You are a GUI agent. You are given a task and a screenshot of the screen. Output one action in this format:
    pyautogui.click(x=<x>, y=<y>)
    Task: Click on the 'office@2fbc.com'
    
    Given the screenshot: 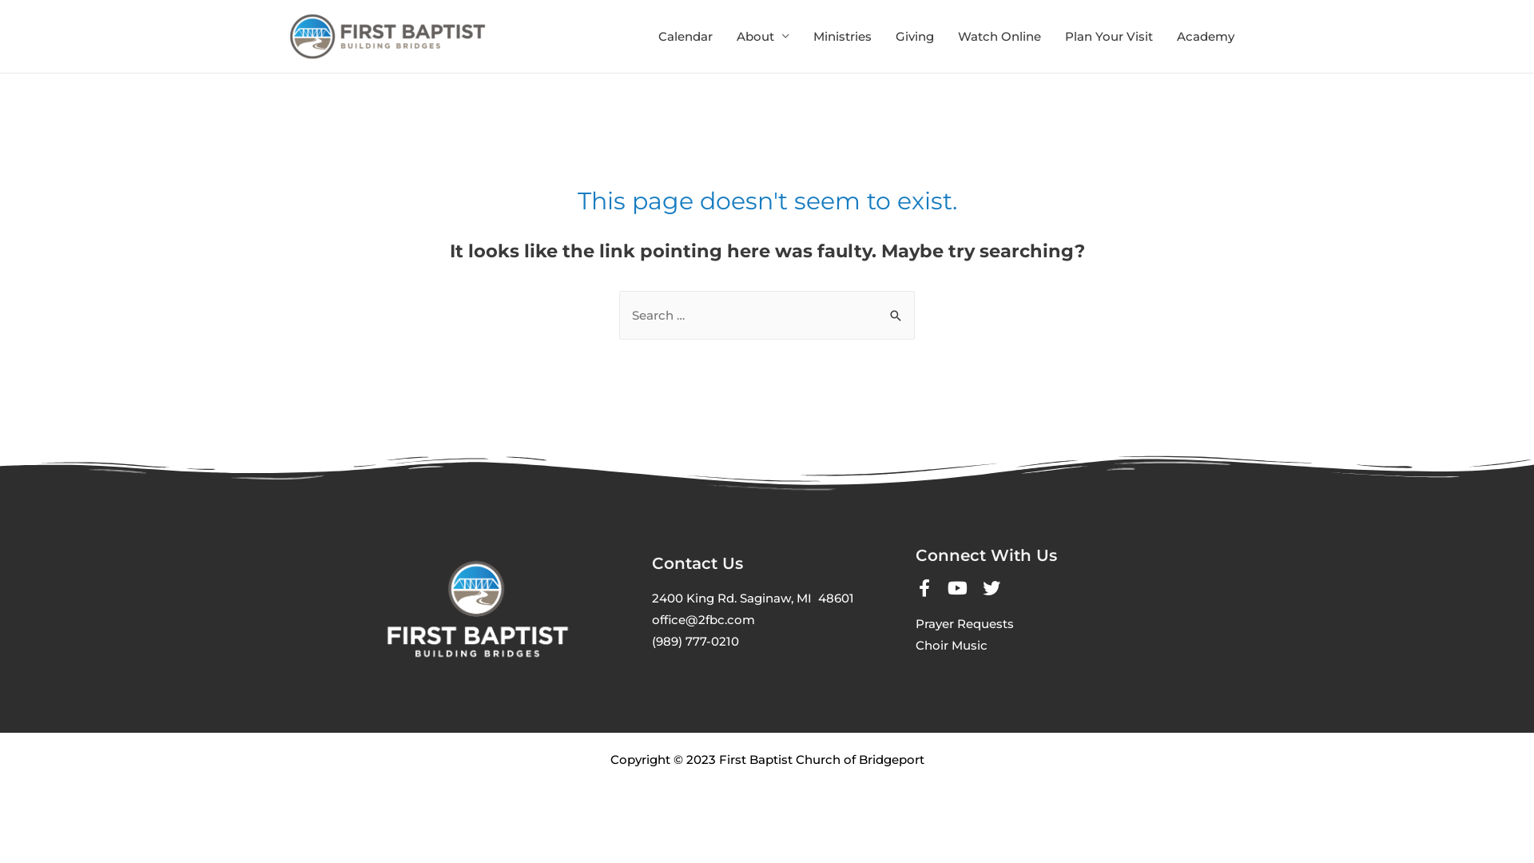 What is the action you would take?
    pyautogui.click(x=703, y=618)
    